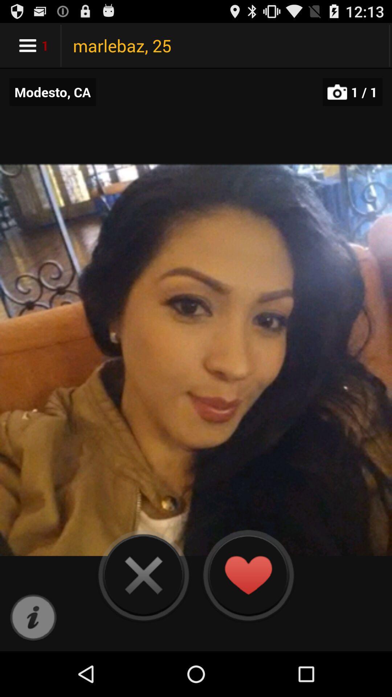  I want to click on app below modesto, ca app, so click(33, 617).